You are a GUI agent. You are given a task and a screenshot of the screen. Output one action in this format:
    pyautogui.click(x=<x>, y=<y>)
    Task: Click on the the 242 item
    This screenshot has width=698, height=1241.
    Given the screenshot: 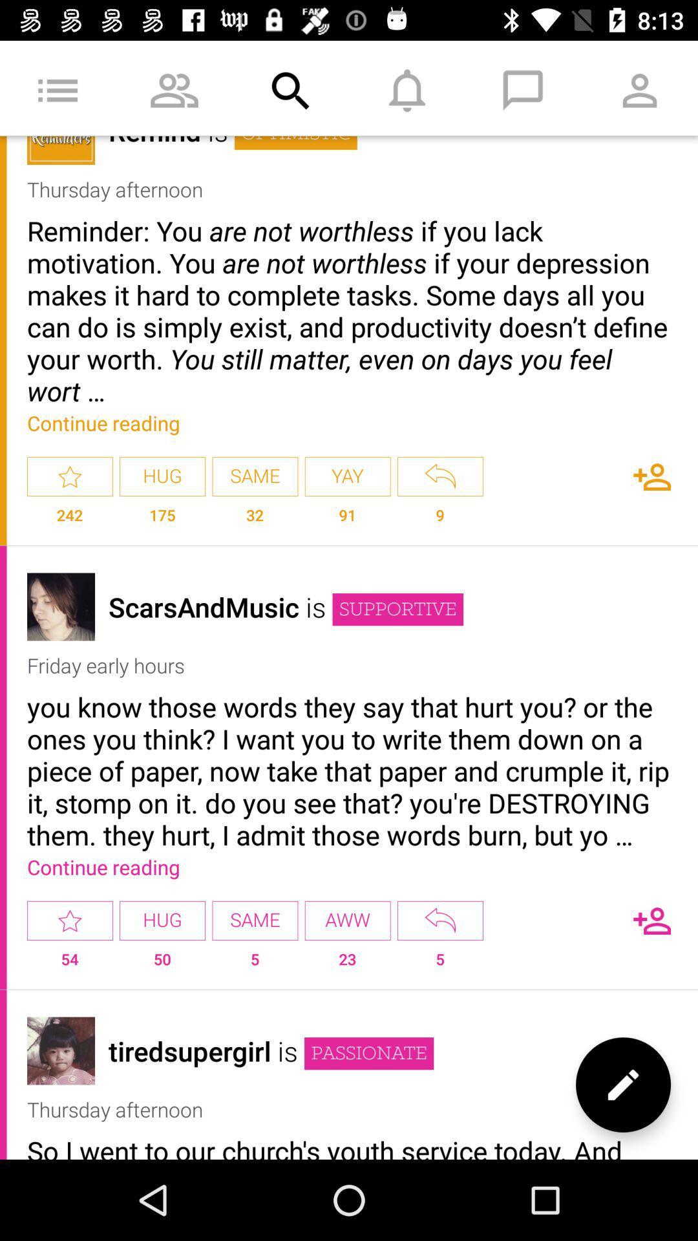 What is the action you would take?
    pyautogui.click(x=70, y=520)
    